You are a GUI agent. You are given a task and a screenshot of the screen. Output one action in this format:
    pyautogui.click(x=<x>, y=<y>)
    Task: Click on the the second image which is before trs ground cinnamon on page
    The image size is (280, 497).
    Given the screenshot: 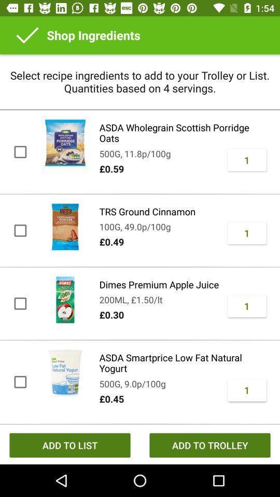 What is the action you would take?
    pyautogui.click(x=65, y=227)
    